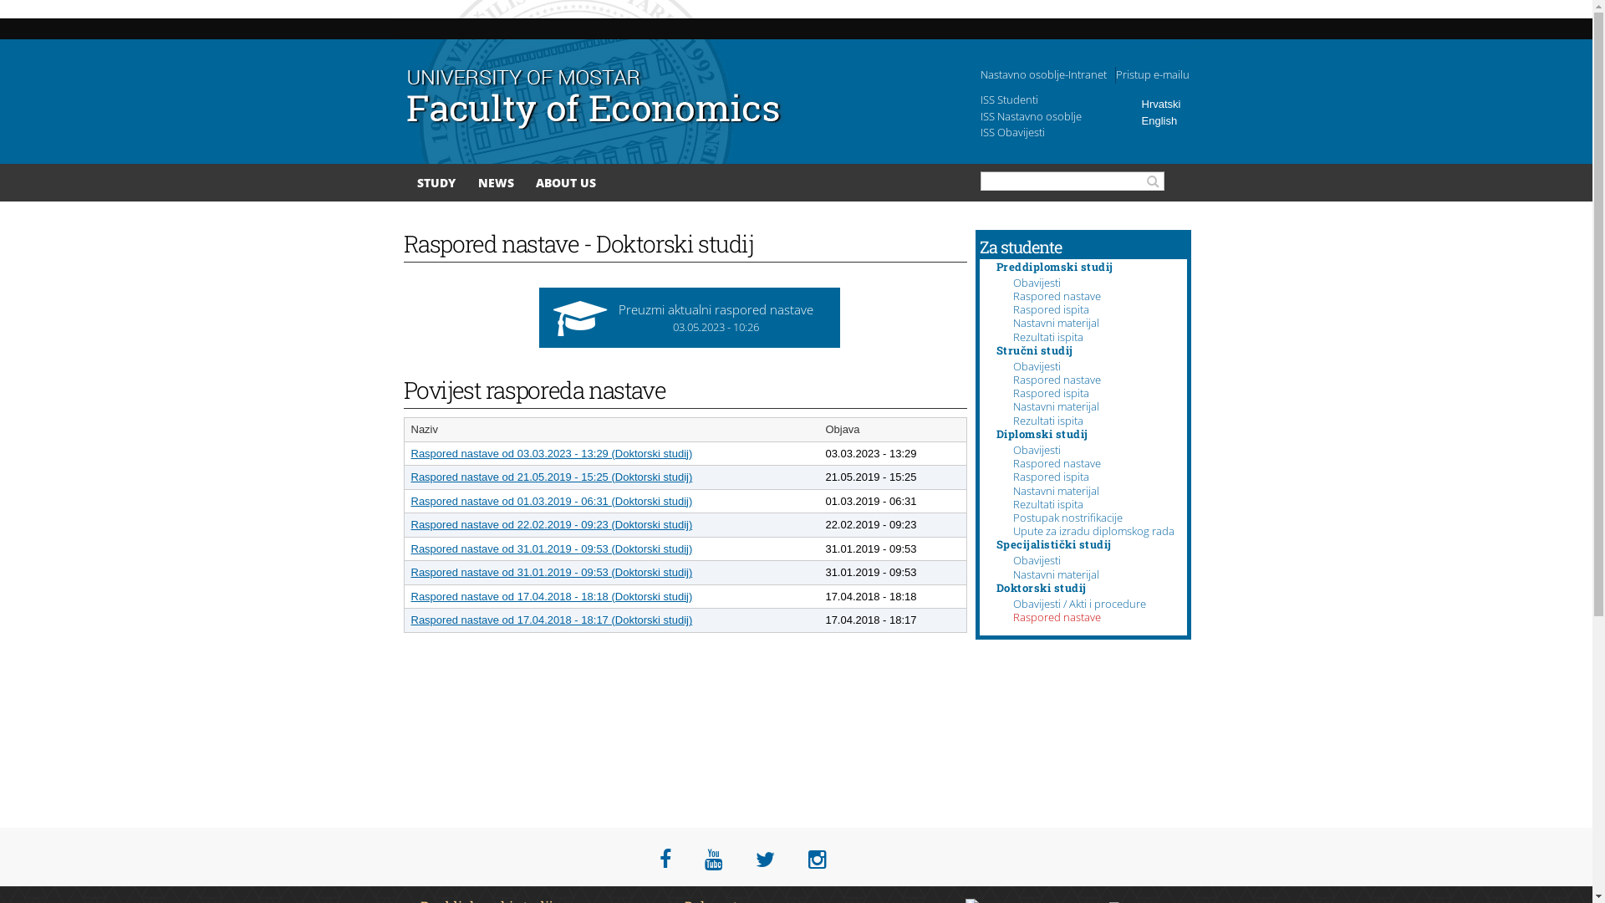 Image resolution: width=1605 pixels, height=903 pixels. Describe the element at coordinates (552, 548) in the screenshot. I see `'Raspored nastave od 31.01.2019 - 09:53 (Doktorski studij)'` at that location.